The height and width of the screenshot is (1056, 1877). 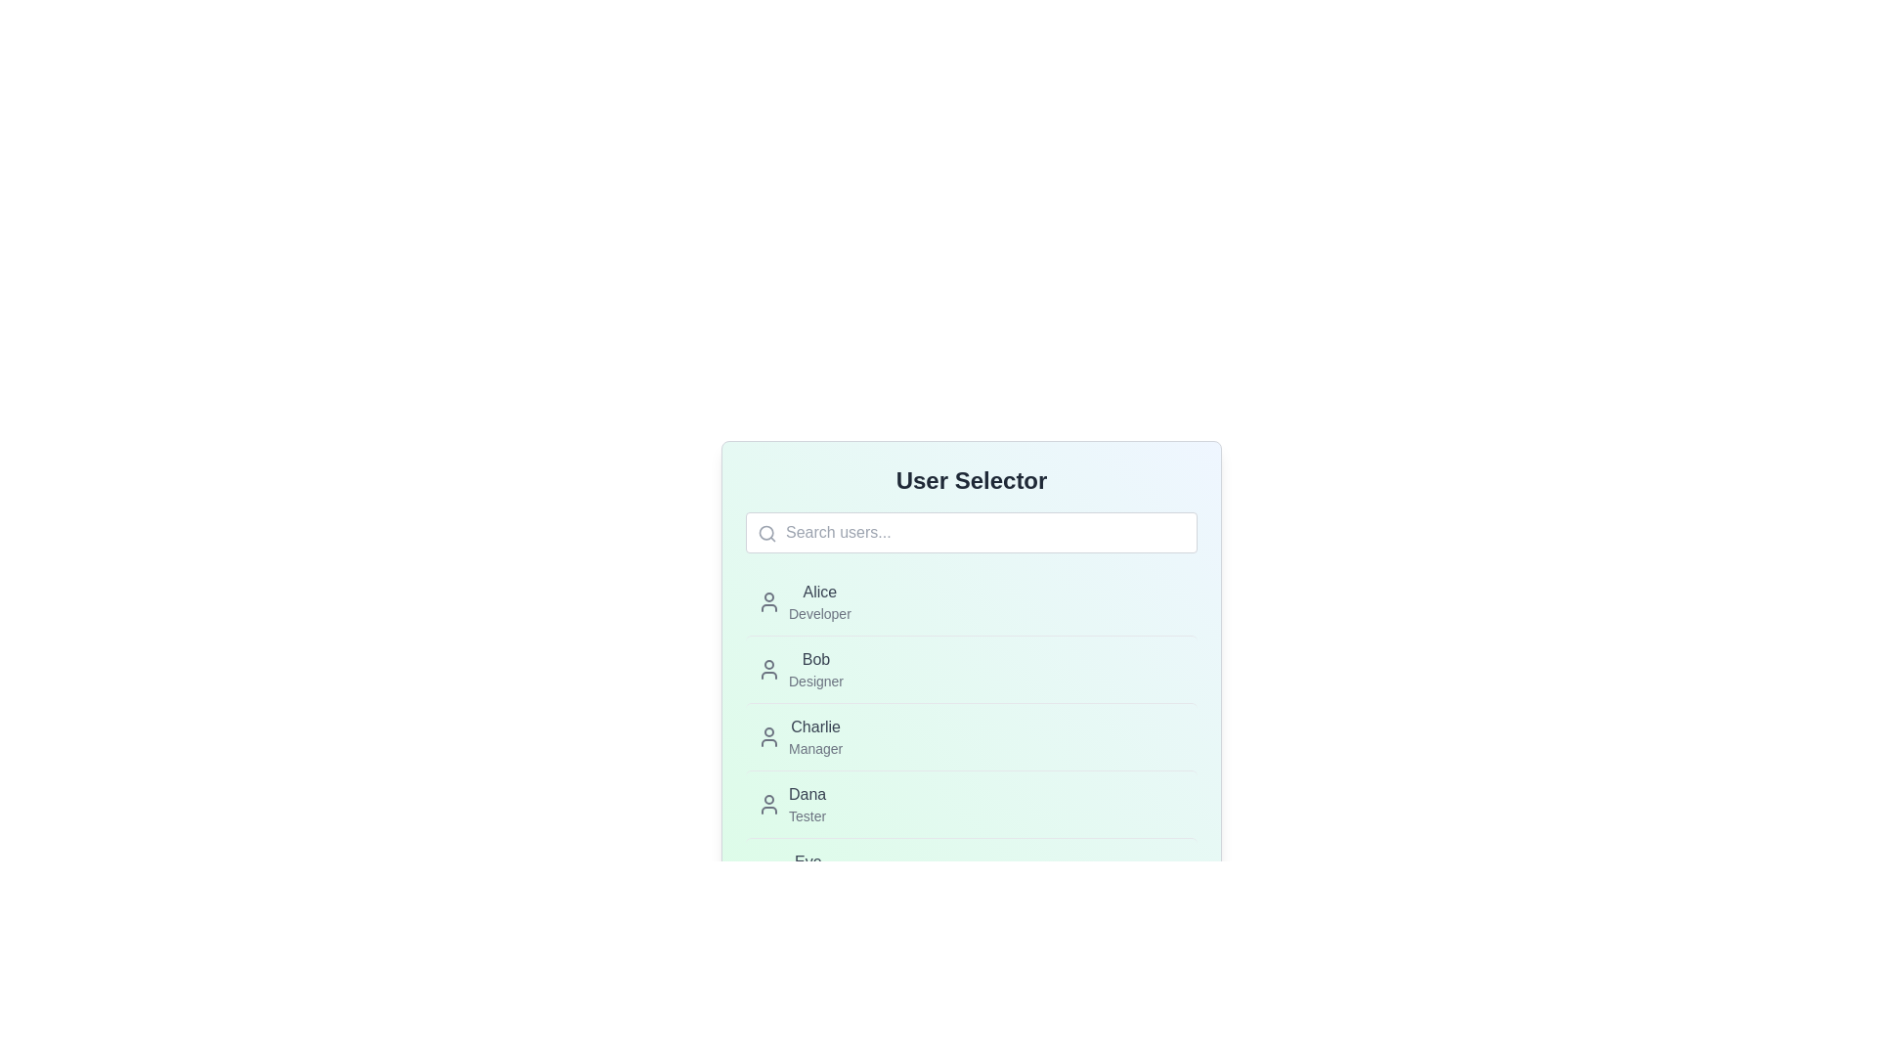 I want to click on the last selectable user entry in the list, which represents the user 'Eve' with the role 'Admin', so click(x=971, y=870).